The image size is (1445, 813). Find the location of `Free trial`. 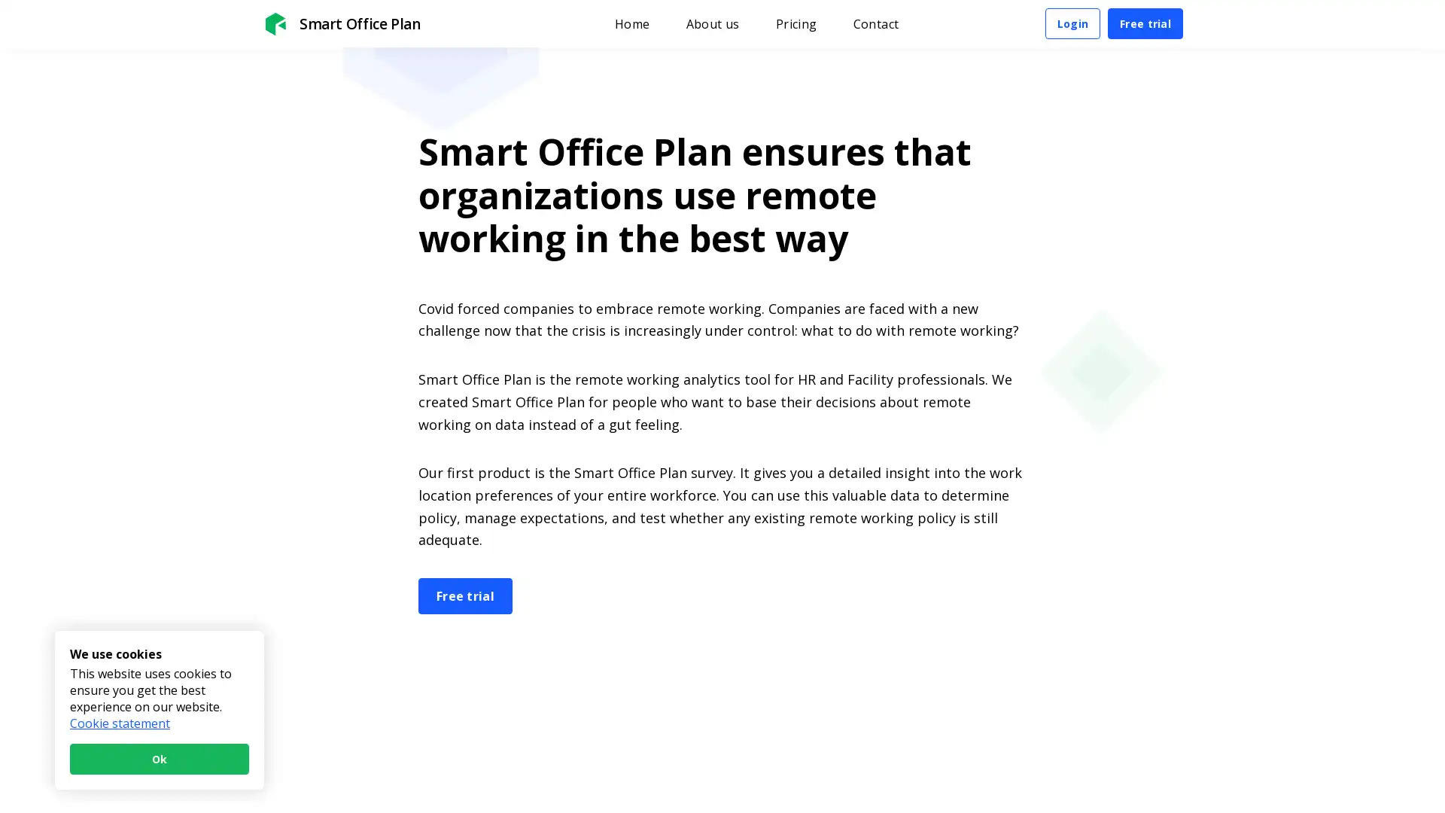

Free trial is located at coordinates (1144, 23).